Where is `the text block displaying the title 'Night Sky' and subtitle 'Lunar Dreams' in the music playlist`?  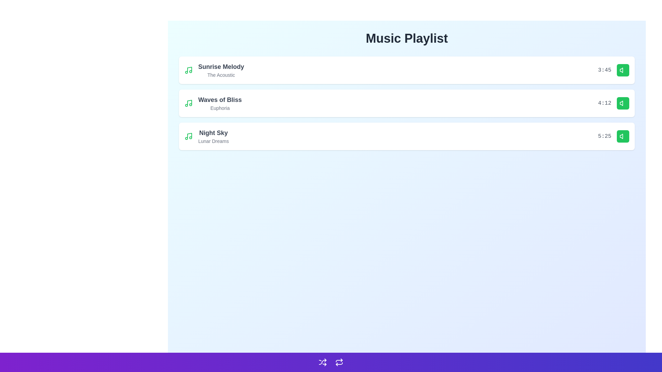
the text block displaying the title 'Night Sky' and subtitle 'Lunar Dreams' in the music playlist is located at coordinates (213, 136).